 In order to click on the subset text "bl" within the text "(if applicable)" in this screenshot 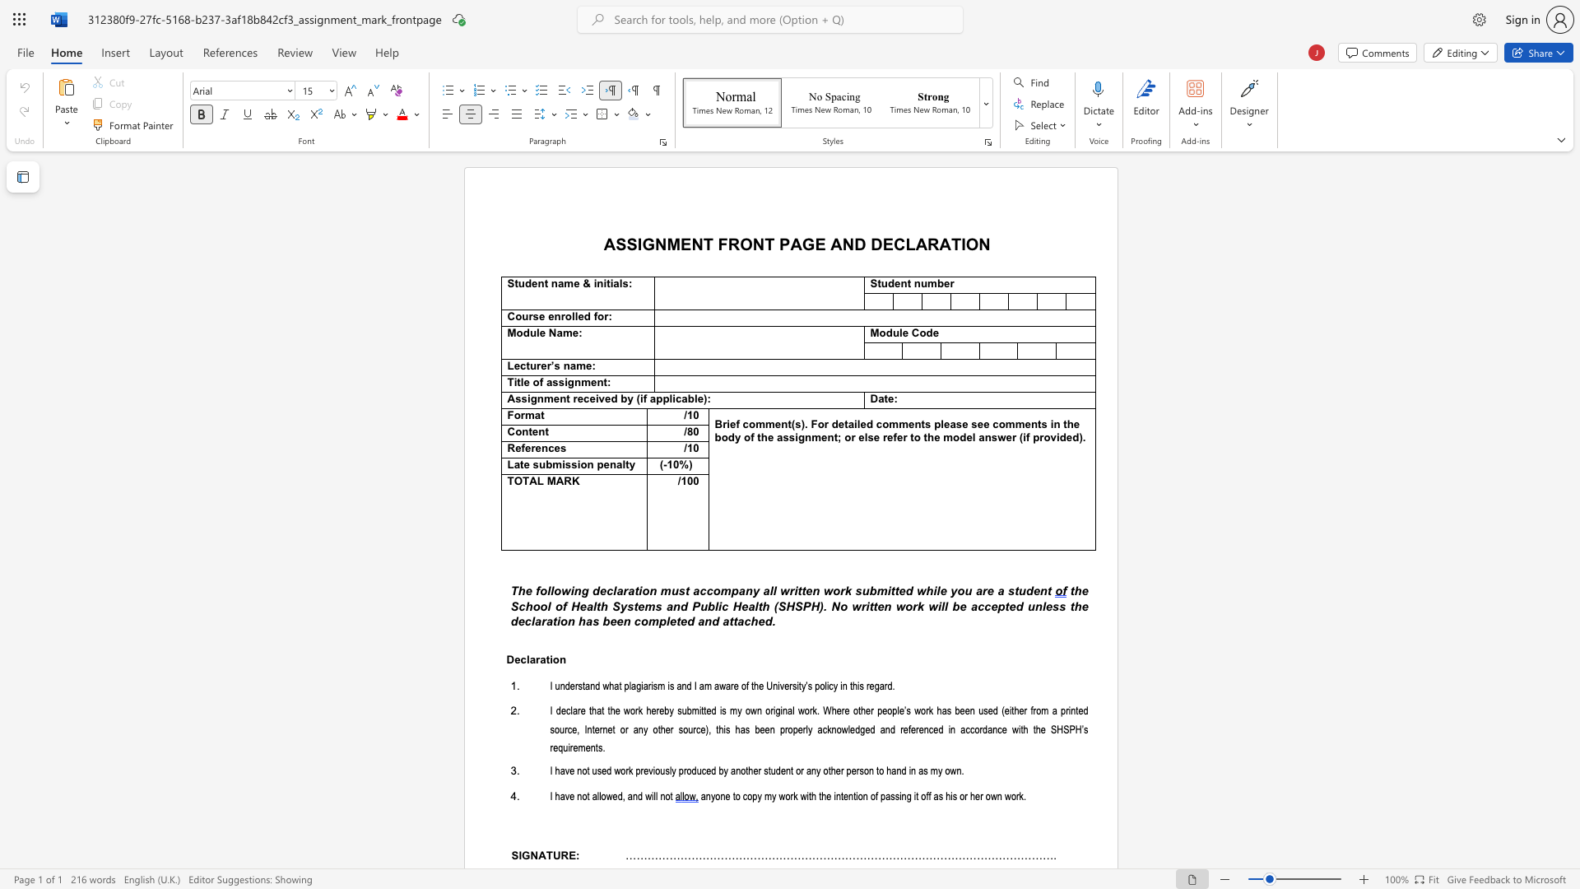, I will do `click(687, 399)`.